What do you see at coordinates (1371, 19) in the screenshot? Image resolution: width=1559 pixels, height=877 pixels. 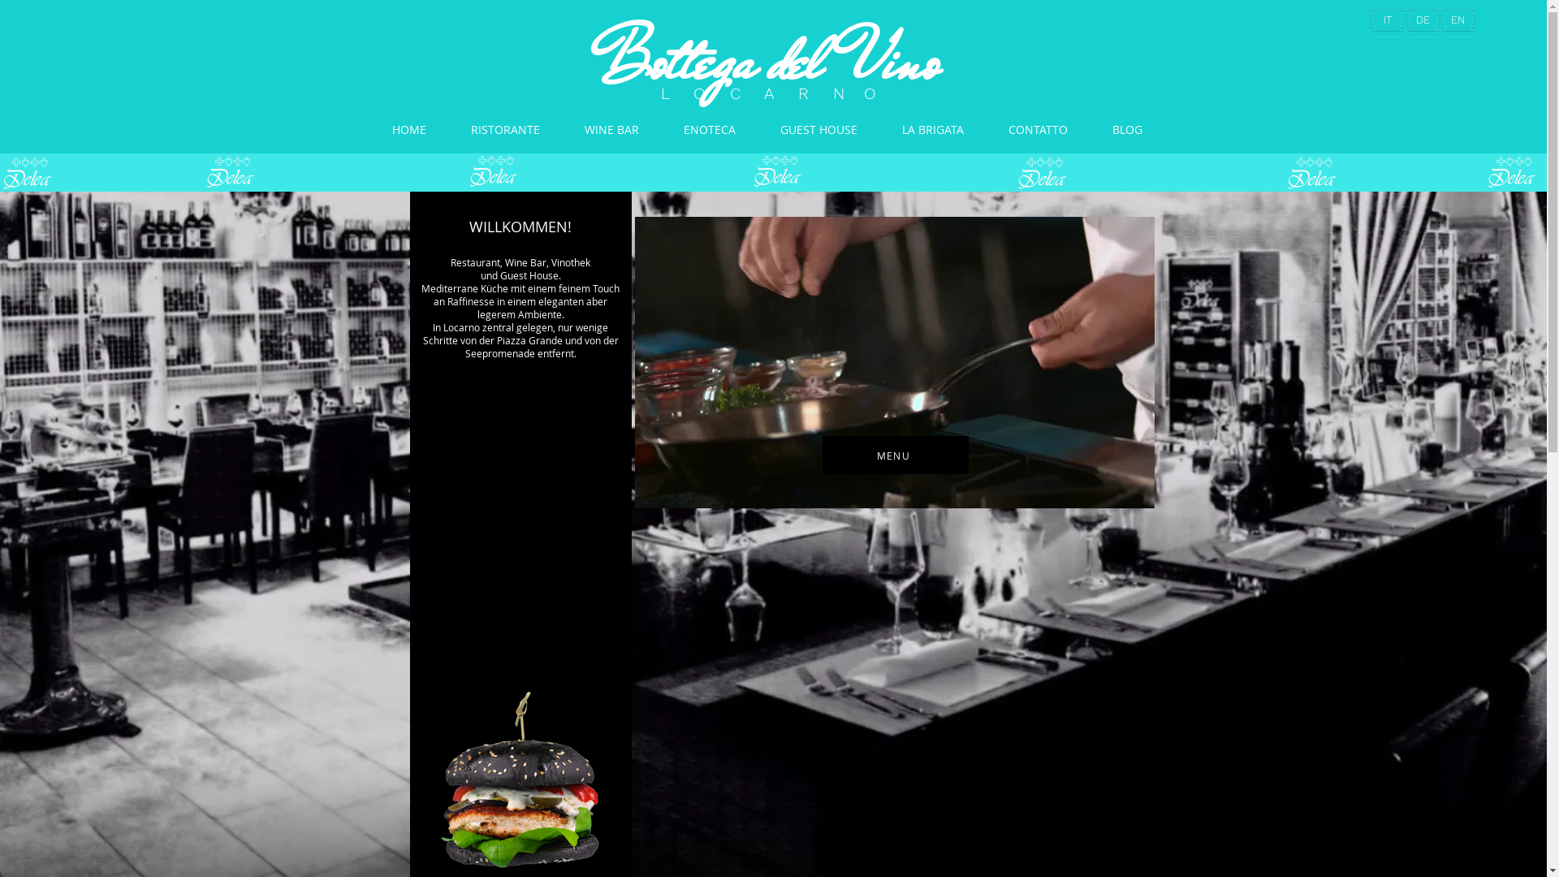 I see `'IT'` at bounding box center [1371, 19].